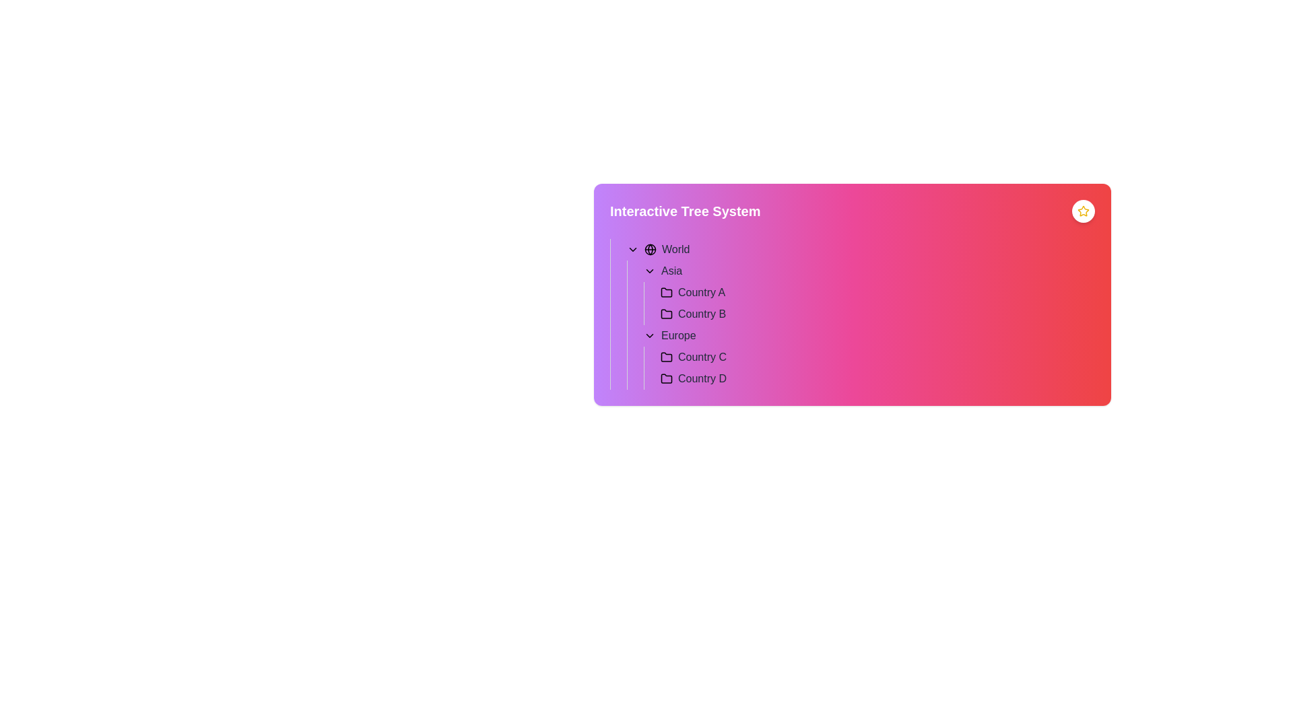 The height and width of the screenshot is (727, 1293). Describe the element at coordinates (1083, 211) in the screenshot. I see `the star icon outlined in yellow with a white fill to favorite or highlight an item` at that location.